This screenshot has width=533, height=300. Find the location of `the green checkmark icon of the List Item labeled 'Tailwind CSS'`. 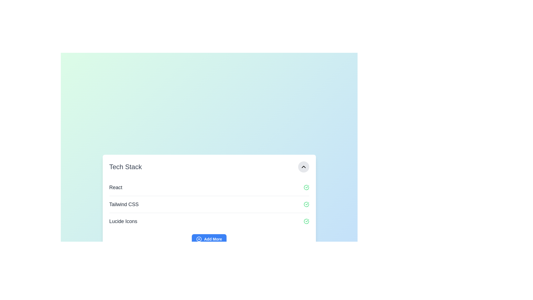

the green checkmark icon of the List Item labeled 'Tailwind CSS' is located at coordinates (209, 204).